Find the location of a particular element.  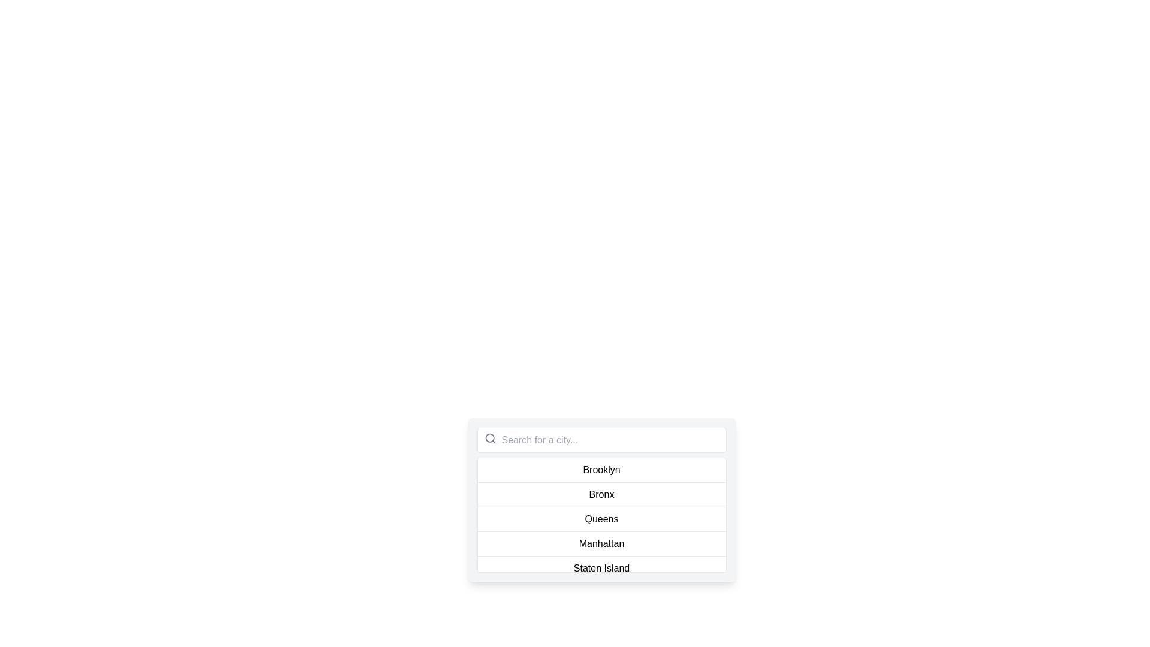

the text option 'Staten Island' in the dropdown menu is located at coordinates (601, 567).